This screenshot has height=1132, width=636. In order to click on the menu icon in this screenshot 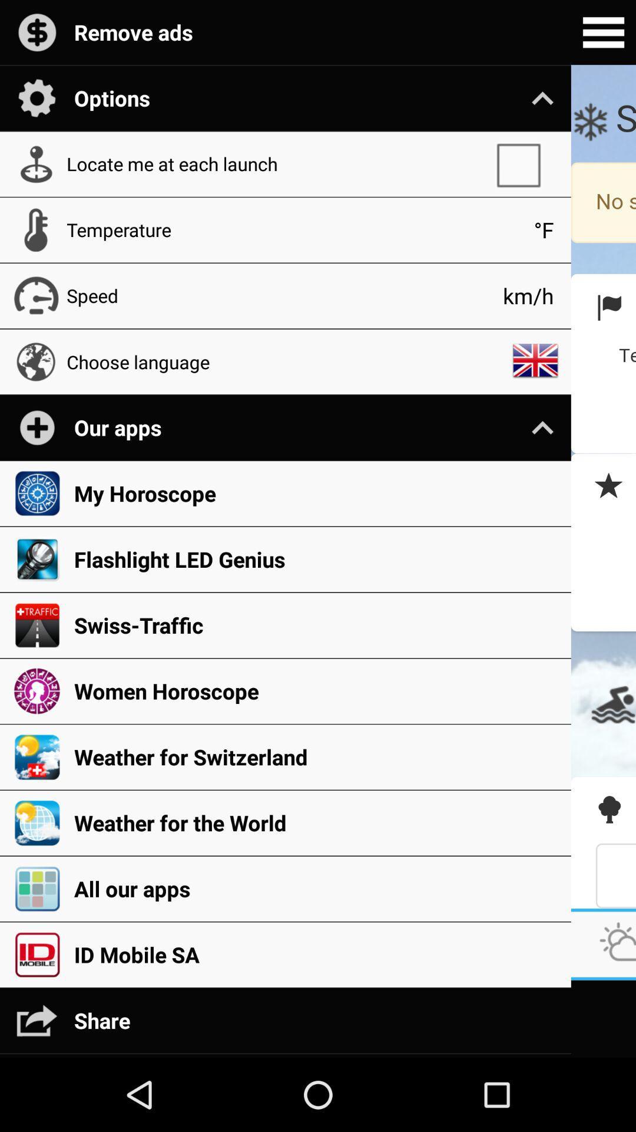, I will do `click(603, 34)`.